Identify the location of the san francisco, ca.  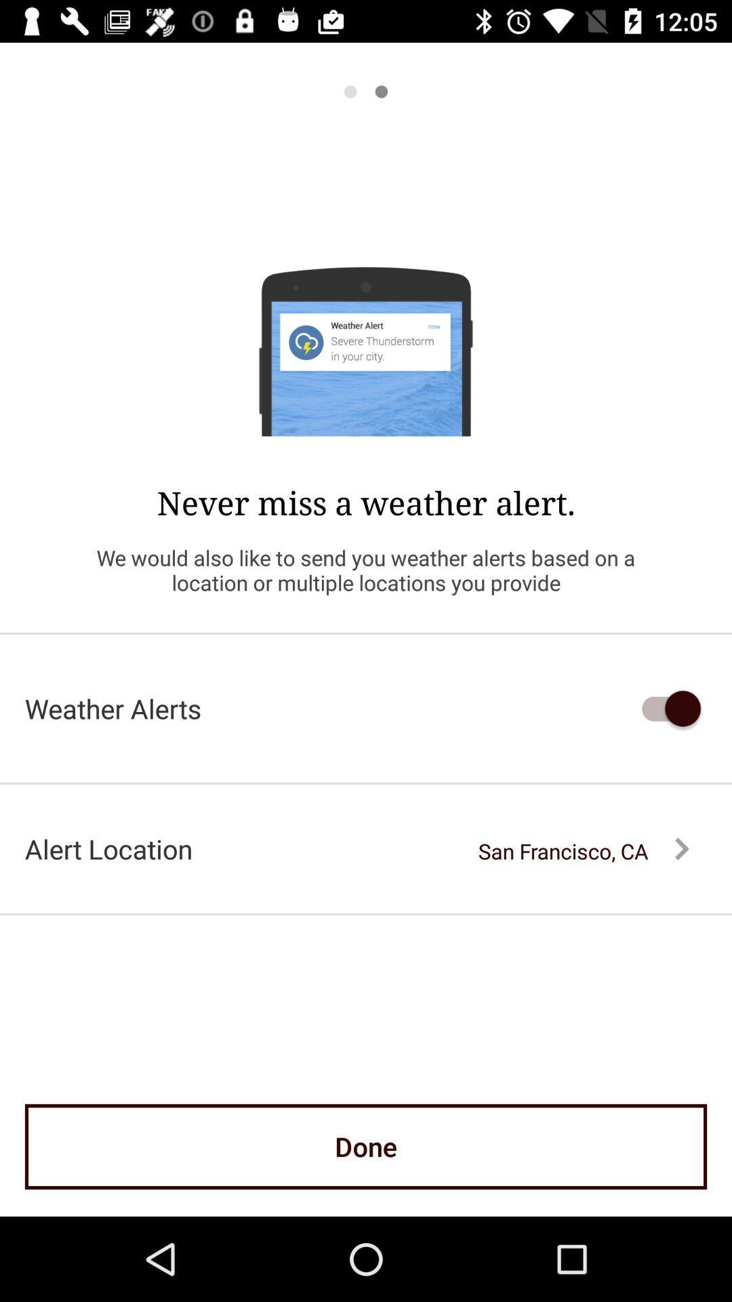
(583, 850).